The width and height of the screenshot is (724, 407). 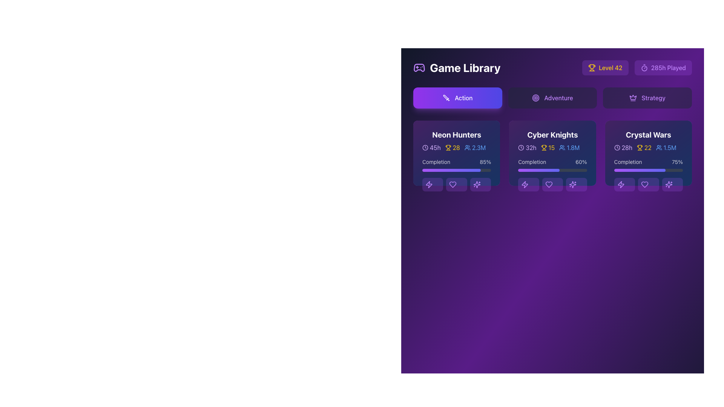 What do you see at coordinates (525, 184) in the screenshot?
I see `the button in the bottom-left corner of the second card in the horizontal triplet of cards in the 'Cyber Knights' game` at bounding box center [525, 184].